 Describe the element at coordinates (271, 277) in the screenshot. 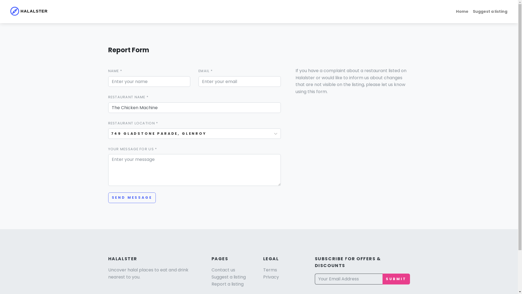

I see `'Privacy'` at that location.